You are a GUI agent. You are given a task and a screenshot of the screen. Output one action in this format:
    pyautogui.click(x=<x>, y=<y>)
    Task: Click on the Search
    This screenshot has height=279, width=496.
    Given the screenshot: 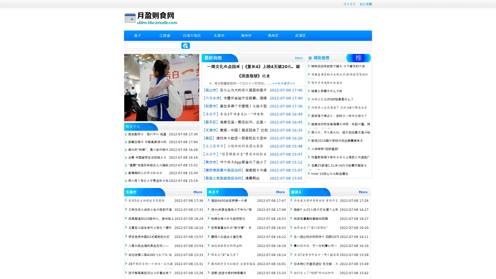 What is the action you would take?
    pyautogui.click(x=185, y=45)
    